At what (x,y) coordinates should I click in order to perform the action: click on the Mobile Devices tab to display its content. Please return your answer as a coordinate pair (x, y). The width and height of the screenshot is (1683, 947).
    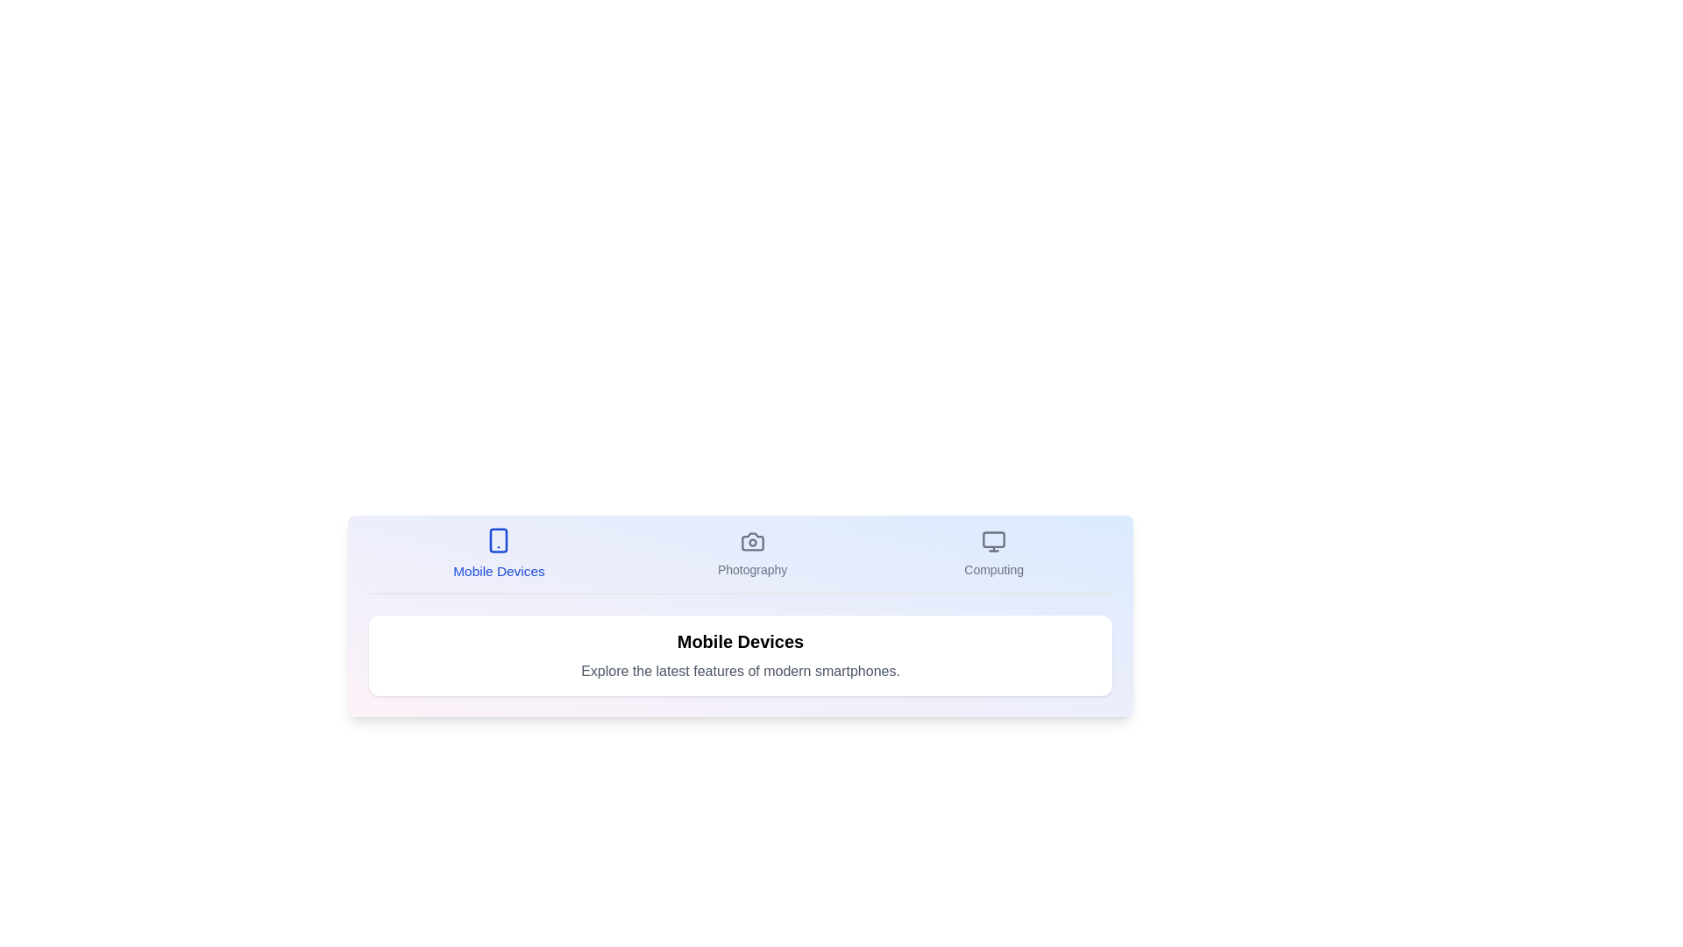
    Looking at the image, I should click on (498, 554).